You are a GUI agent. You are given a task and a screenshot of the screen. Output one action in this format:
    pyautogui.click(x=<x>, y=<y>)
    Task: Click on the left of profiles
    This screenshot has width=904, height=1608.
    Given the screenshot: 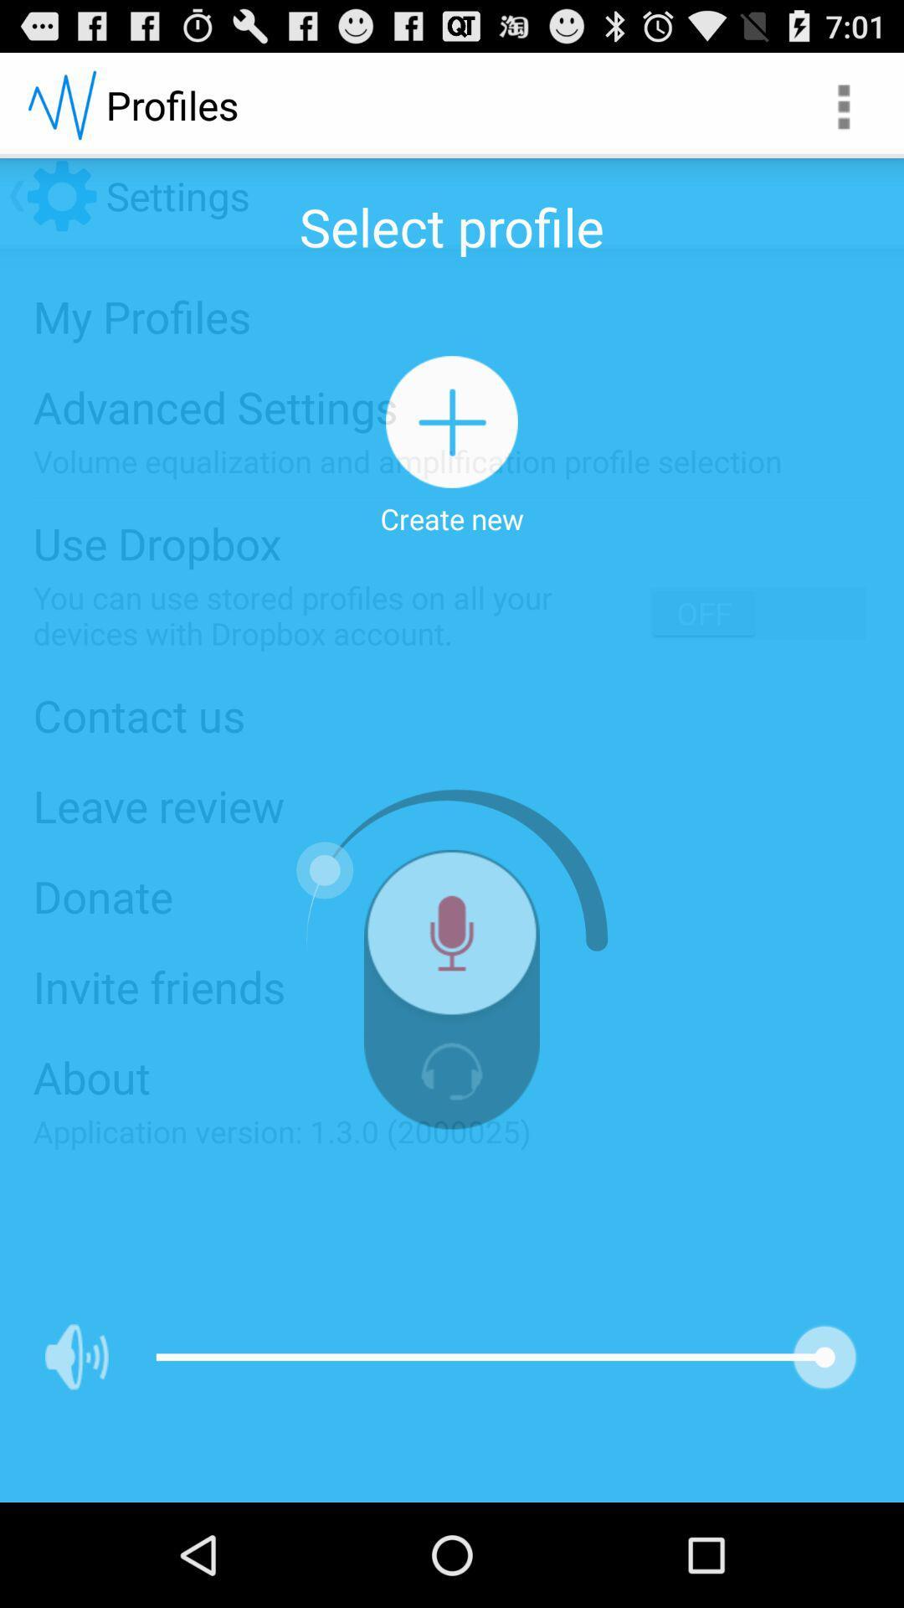 What is the action you would take?
    pyautogui.click(x=60, y=104)
    